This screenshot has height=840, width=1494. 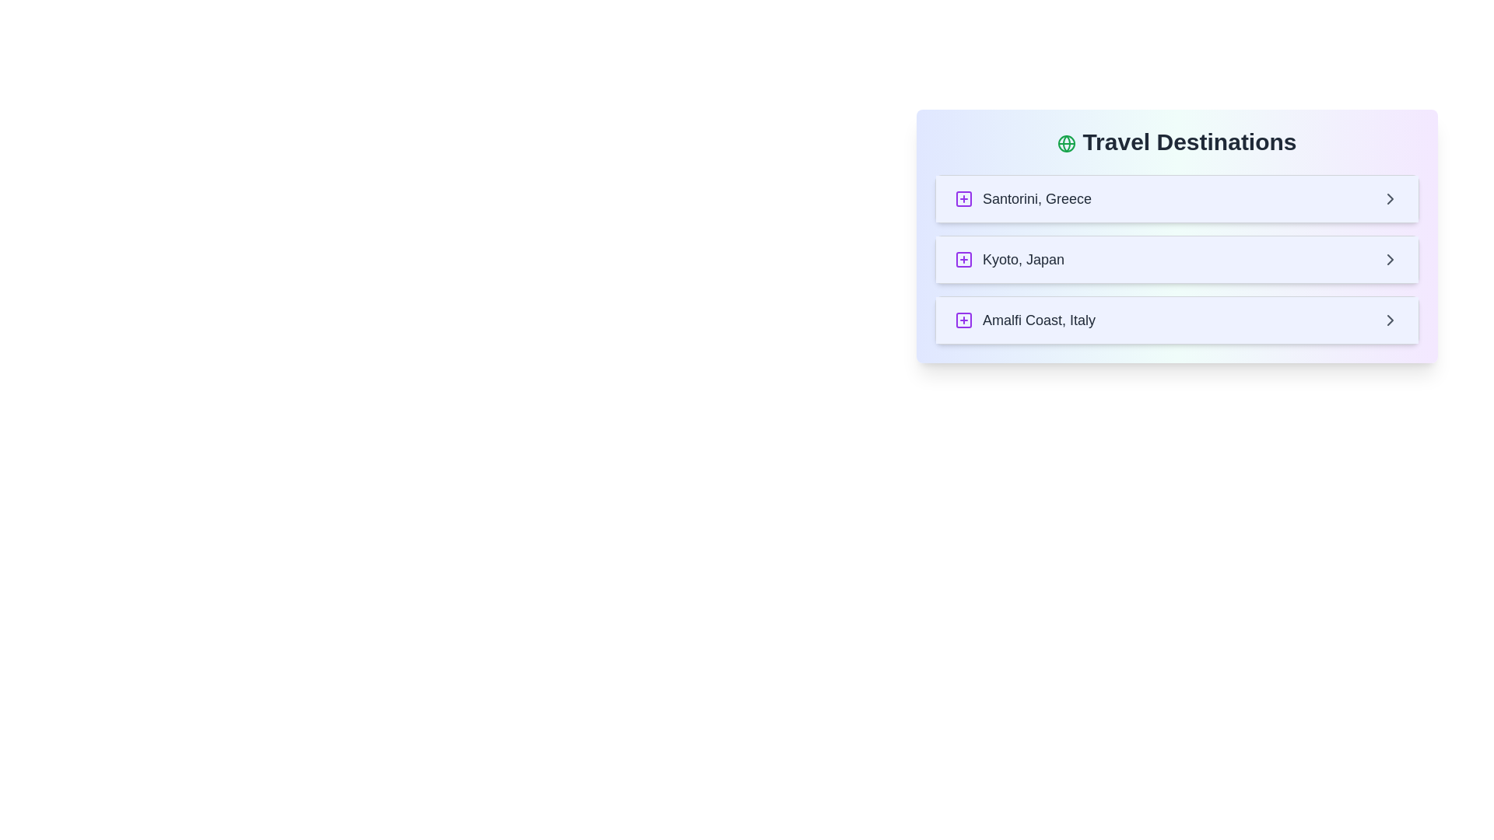 I want to click on the small circular green globe icon with longitude and latitude markings, located immediately to the left of the 'Travel Destinations' heading, so click(x=1066, y=144).